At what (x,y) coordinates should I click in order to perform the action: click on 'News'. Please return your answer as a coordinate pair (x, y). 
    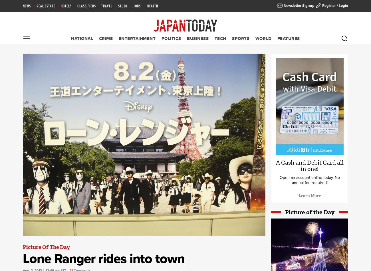
    Looking at the image, I should click on (23, 6).